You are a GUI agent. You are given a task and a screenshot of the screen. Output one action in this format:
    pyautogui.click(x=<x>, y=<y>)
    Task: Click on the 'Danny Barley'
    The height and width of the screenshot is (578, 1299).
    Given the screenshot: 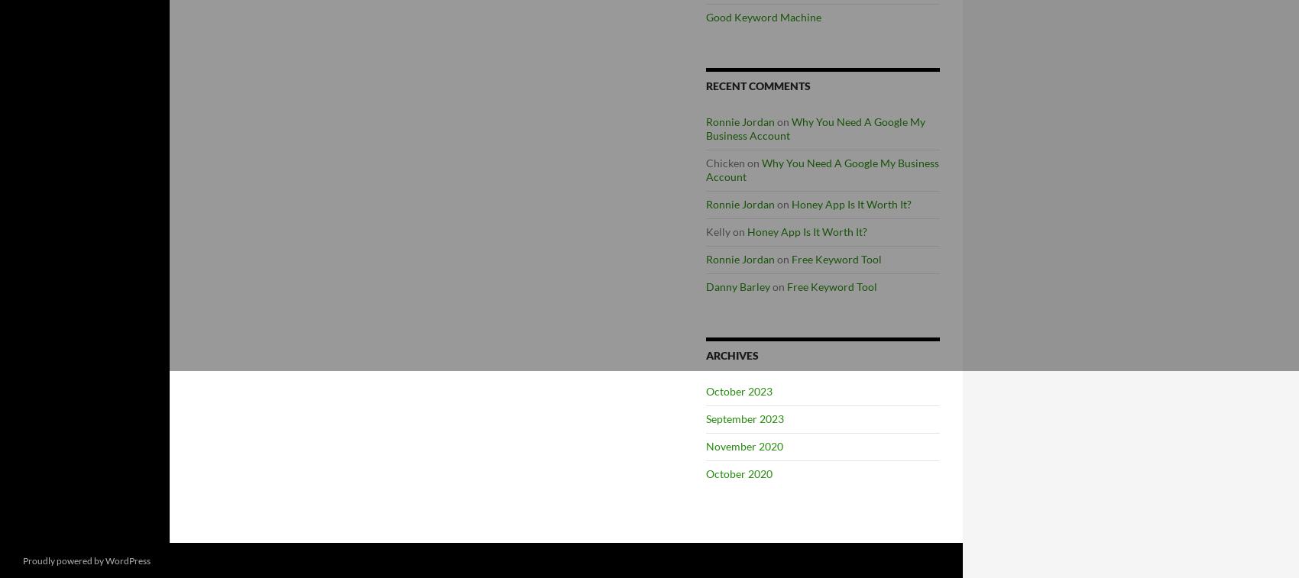 What is the action you would take?
    pyautogui.click(x=737, y=286)
    